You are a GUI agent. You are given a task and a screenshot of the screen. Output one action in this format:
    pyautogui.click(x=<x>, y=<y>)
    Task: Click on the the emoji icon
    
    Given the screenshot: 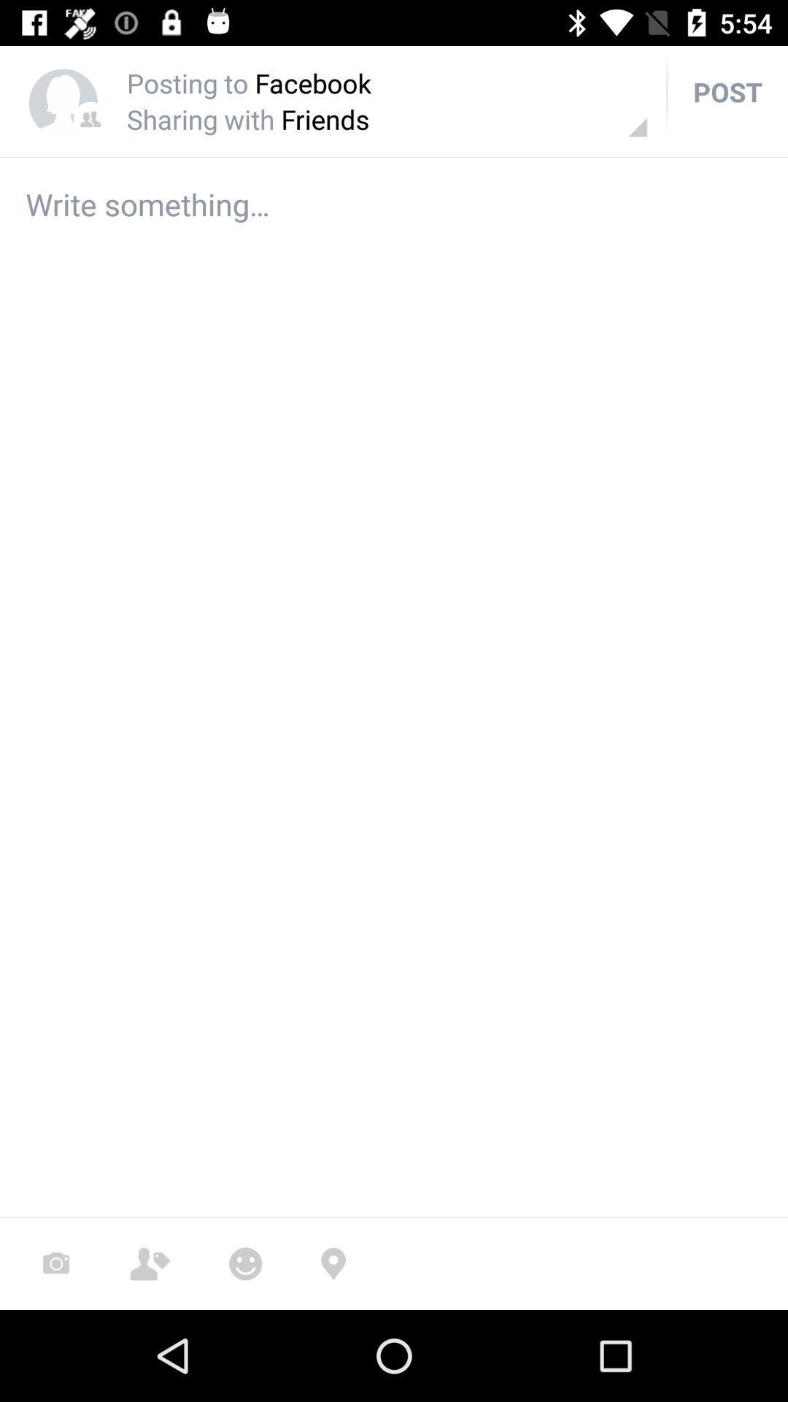 What is the action you would take?
    pyautogui.click(x=244, y=1263)
    